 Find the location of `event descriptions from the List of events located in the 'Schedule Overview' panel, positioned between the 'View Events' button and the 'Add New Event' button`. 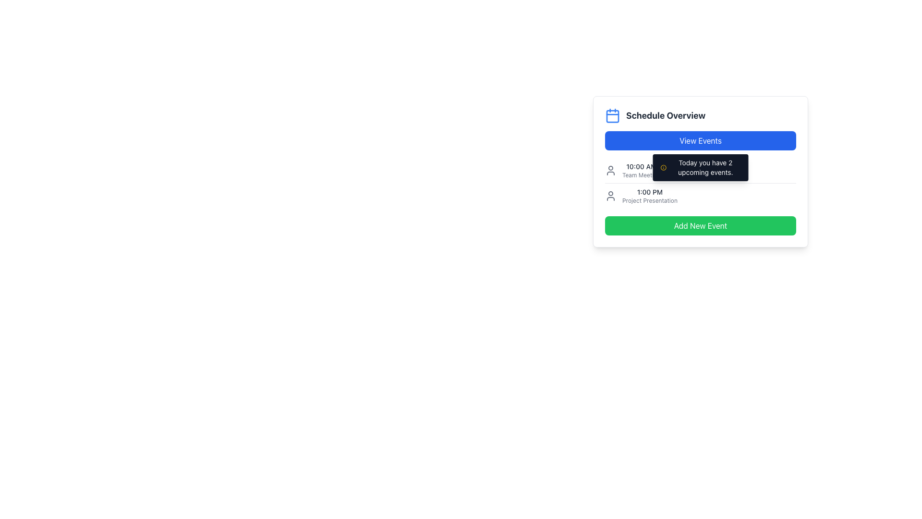

event descriptions from the List of events located in the 'Schedule Overview' panel, positioned between the 'View Events' button and the 'Add New Event' button is located at coordinates (701, 183).